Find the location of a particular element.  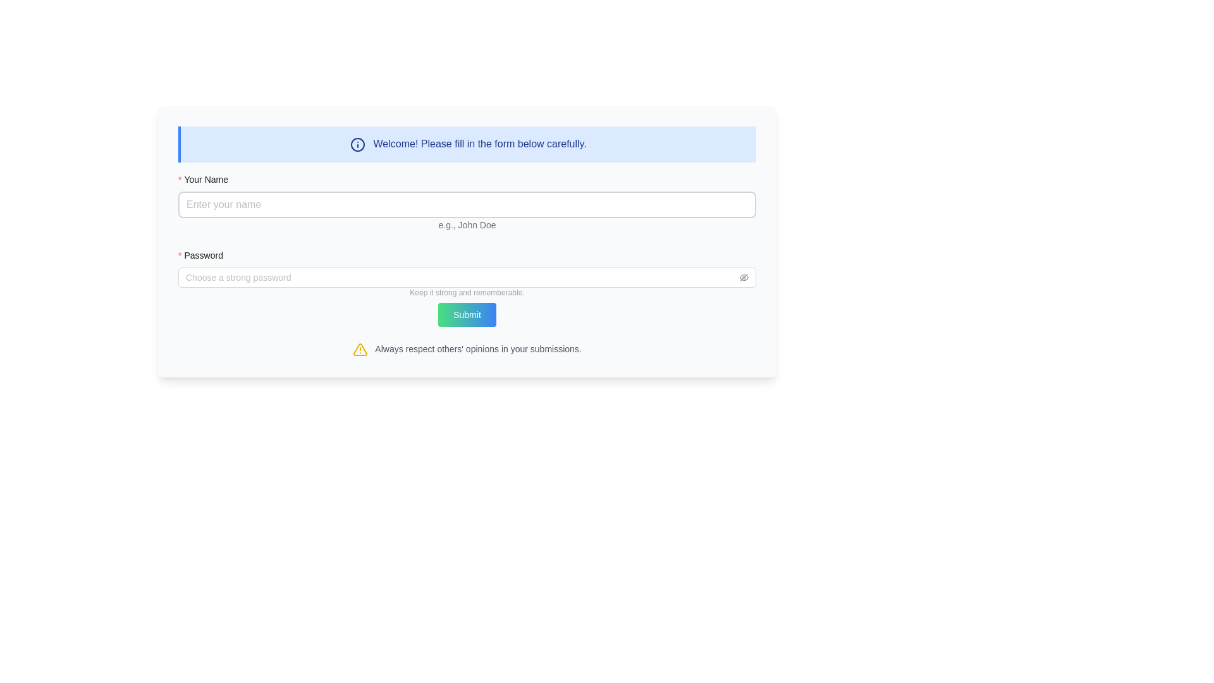

the circle graphic element that serves as a visual component of the icon located to the left of the welcome message in the header area of the form interface is located at coordinates (357, 144).